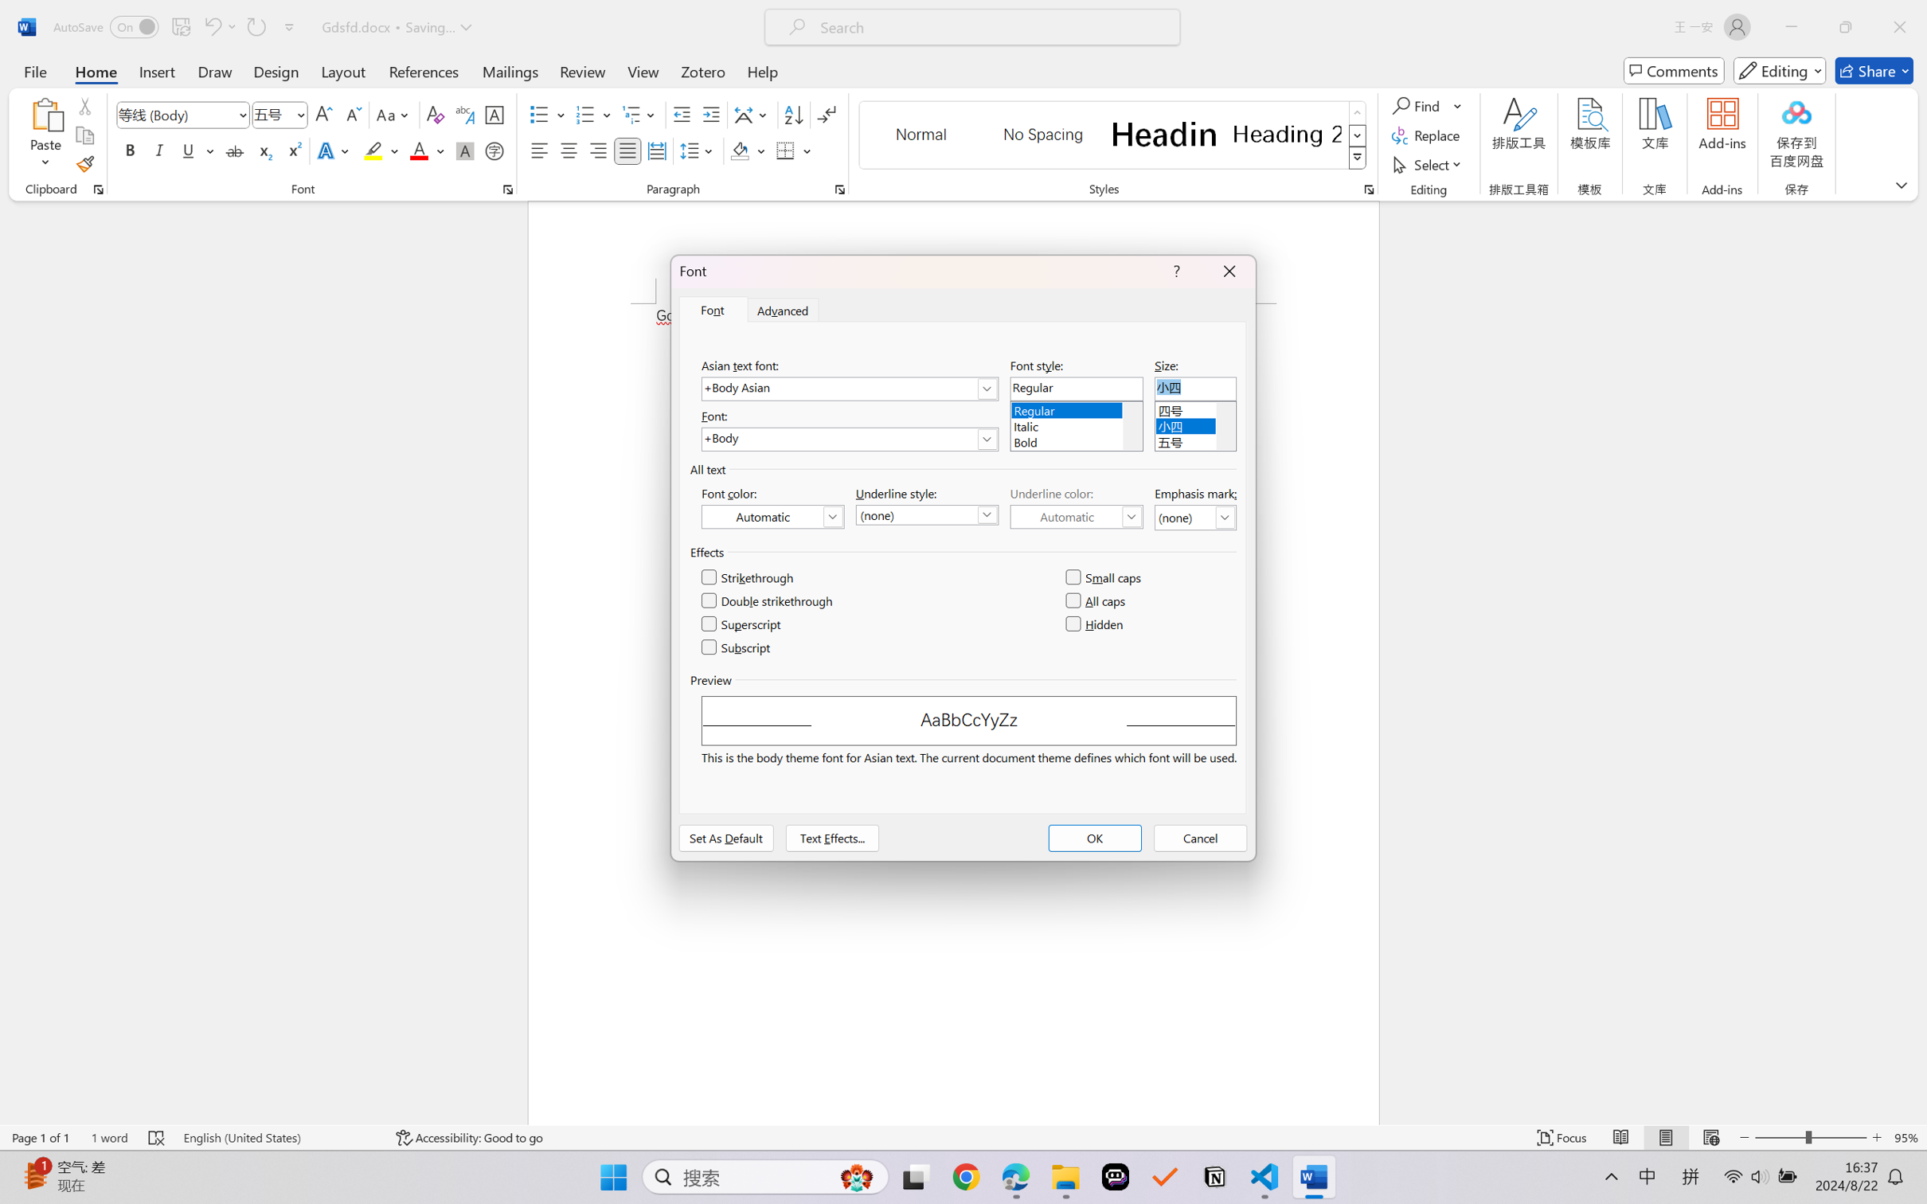  I want to click on 'Show/Hide Editing Marks', so click(826, 115).